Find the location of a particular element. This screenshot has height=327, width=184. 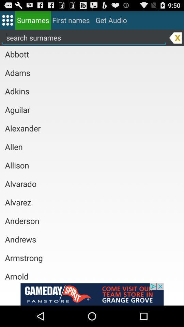

the dialpad icon is located at coordinates (7, 21).